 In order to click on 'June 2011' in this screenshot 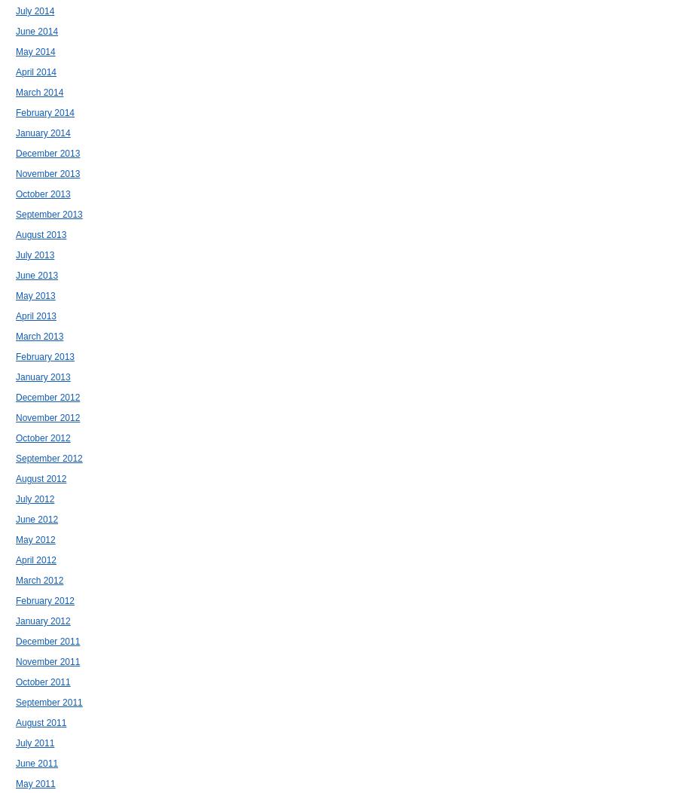, I will do `click(35, 763)`.